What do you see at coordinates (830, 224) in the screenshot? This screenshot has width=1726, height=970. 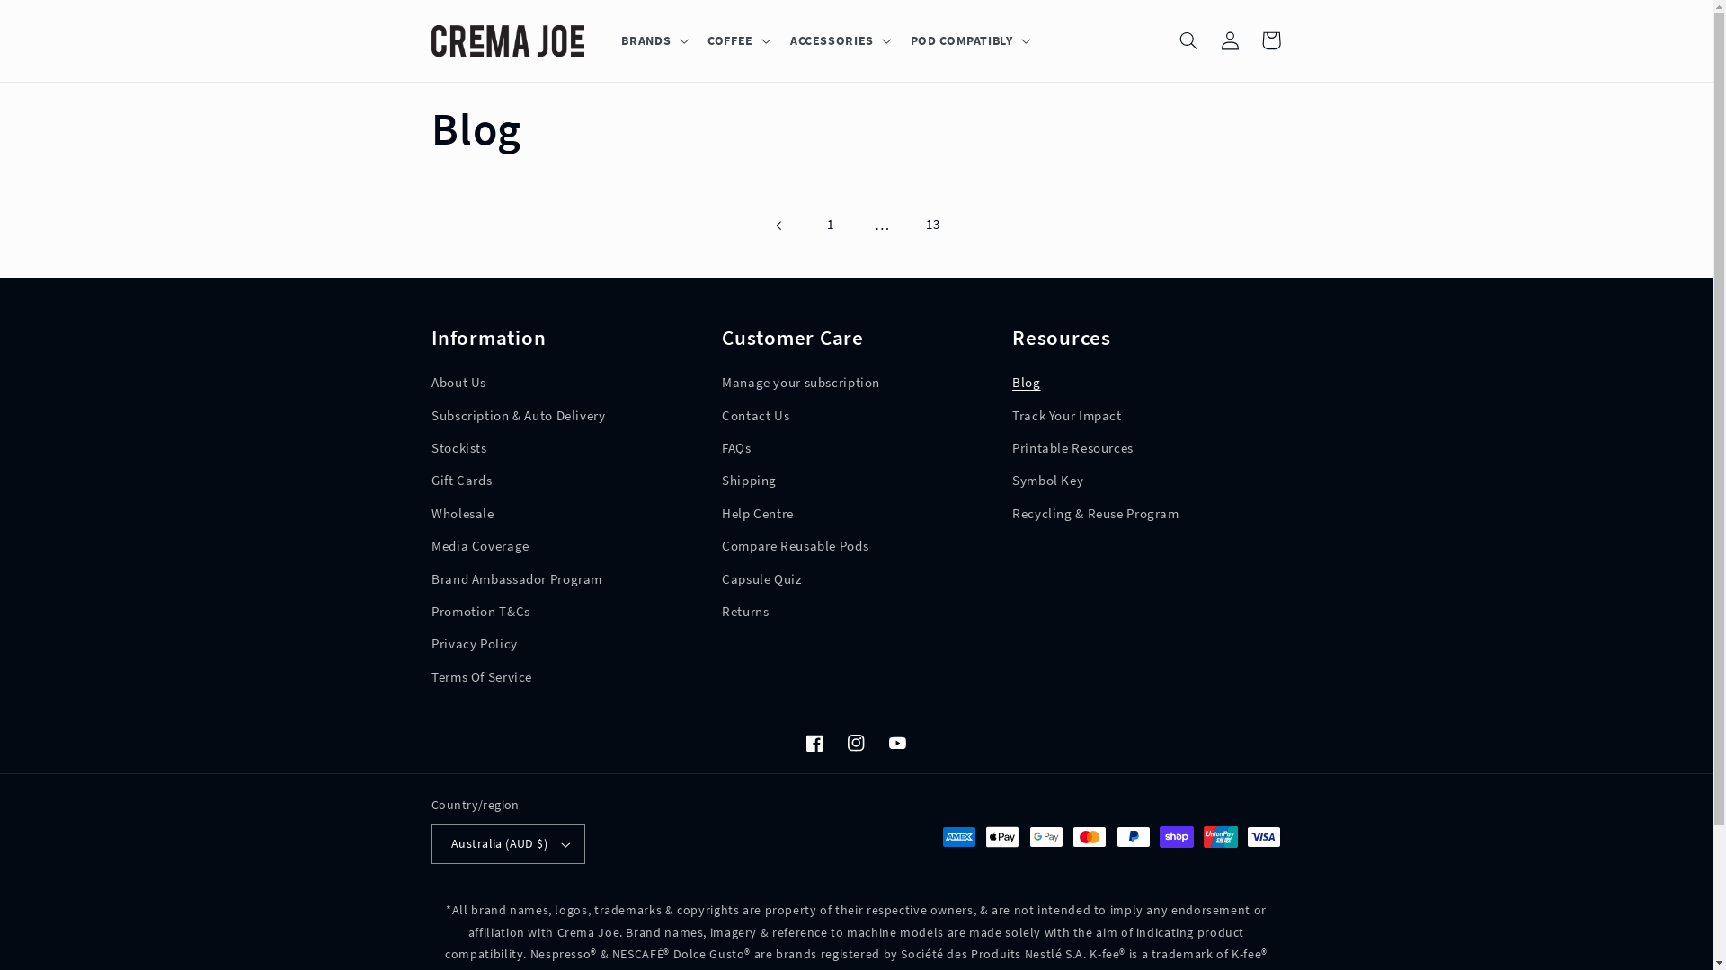 I see `'1'` at bounding box center [830, 224].